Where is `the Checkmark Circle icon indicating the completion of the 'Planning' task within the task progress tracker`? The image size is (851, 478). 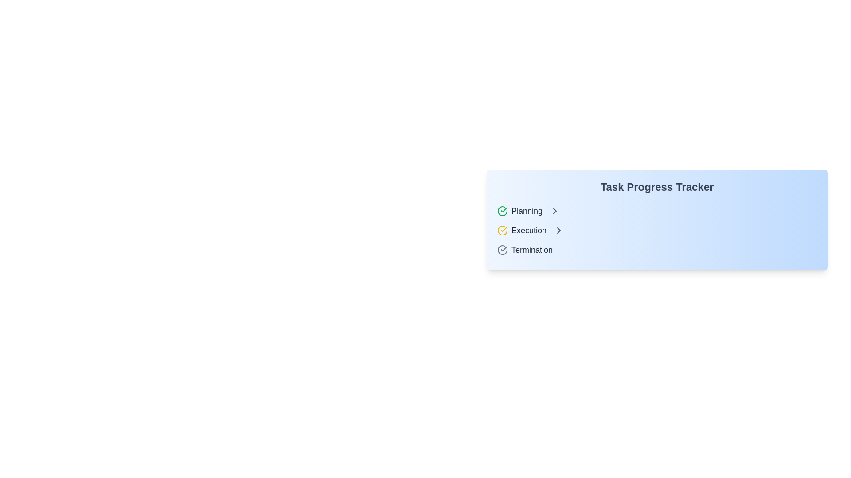
the Checkmark Circle icon indicating the completion of the 'Planning' task within the task progress tracker is located at coordinates (502, 211).